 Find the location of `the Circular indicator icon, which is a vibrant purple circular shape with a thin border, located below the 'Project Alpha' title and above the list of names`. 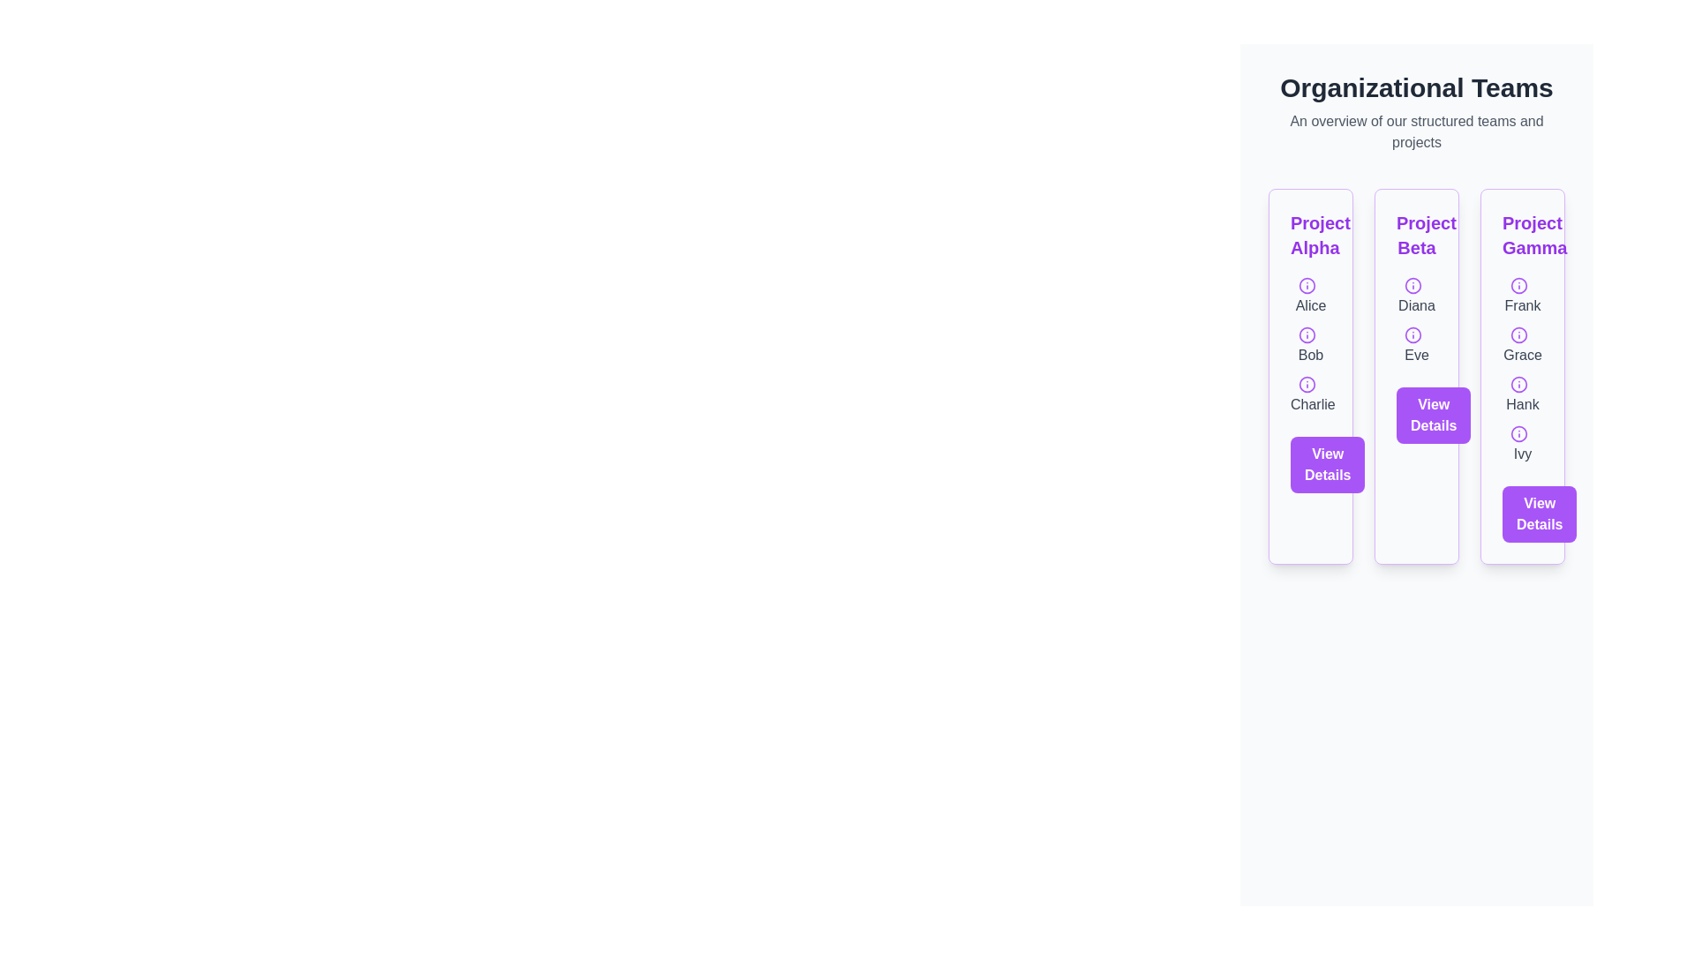

the Circular indicator icon, which is a vibrant purple circular shape with a thin border, located below the 'Project Alpha' title and above the list of names is located at coordinates (1307, 284).